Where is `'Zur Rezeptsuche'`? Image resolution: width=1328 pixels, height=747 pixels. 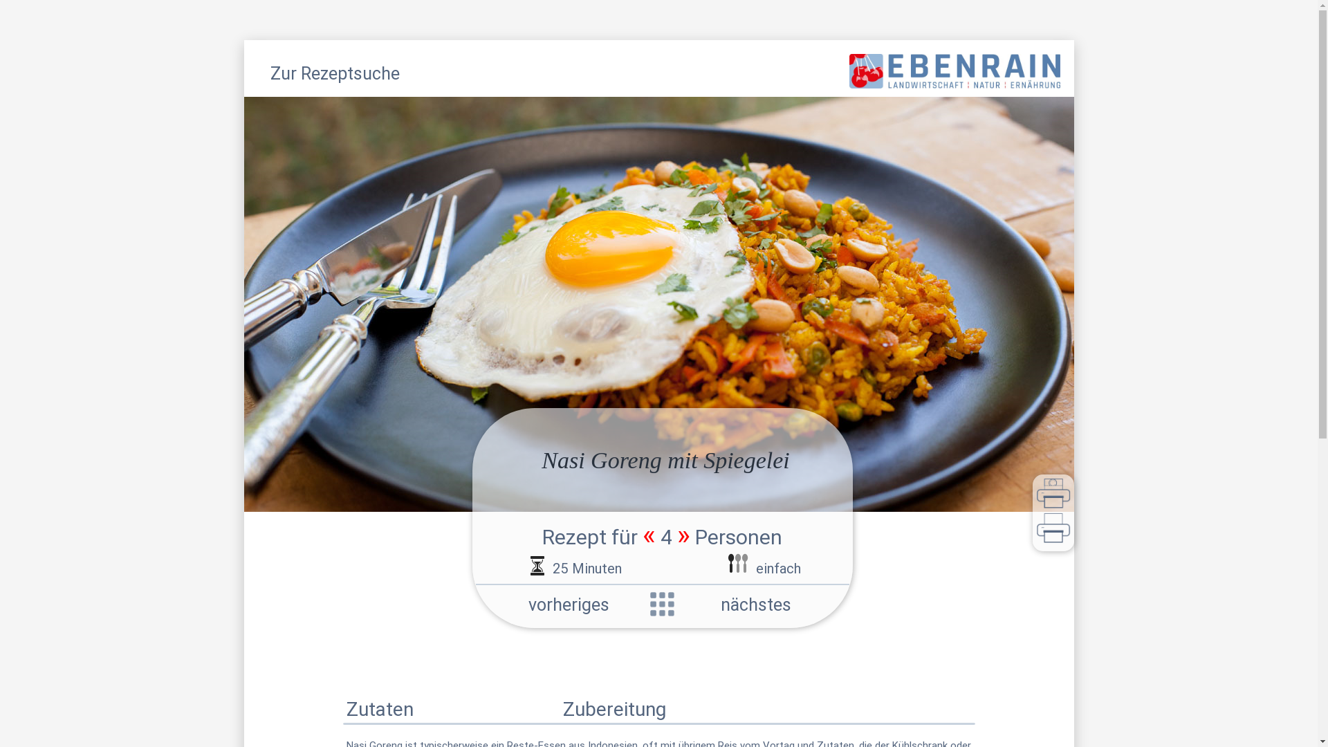 'Zur Rezeptsuche' is located at coordinates (334, 75).